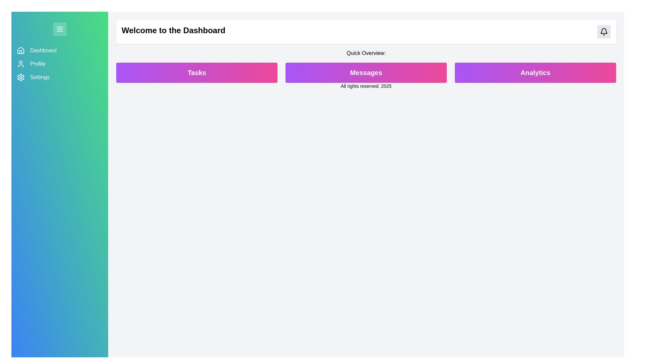 The height and width of the screenshot is (362, 645). I want to click on the 'Settings' text label located in the vertical navigation menu, so click(39, 77).